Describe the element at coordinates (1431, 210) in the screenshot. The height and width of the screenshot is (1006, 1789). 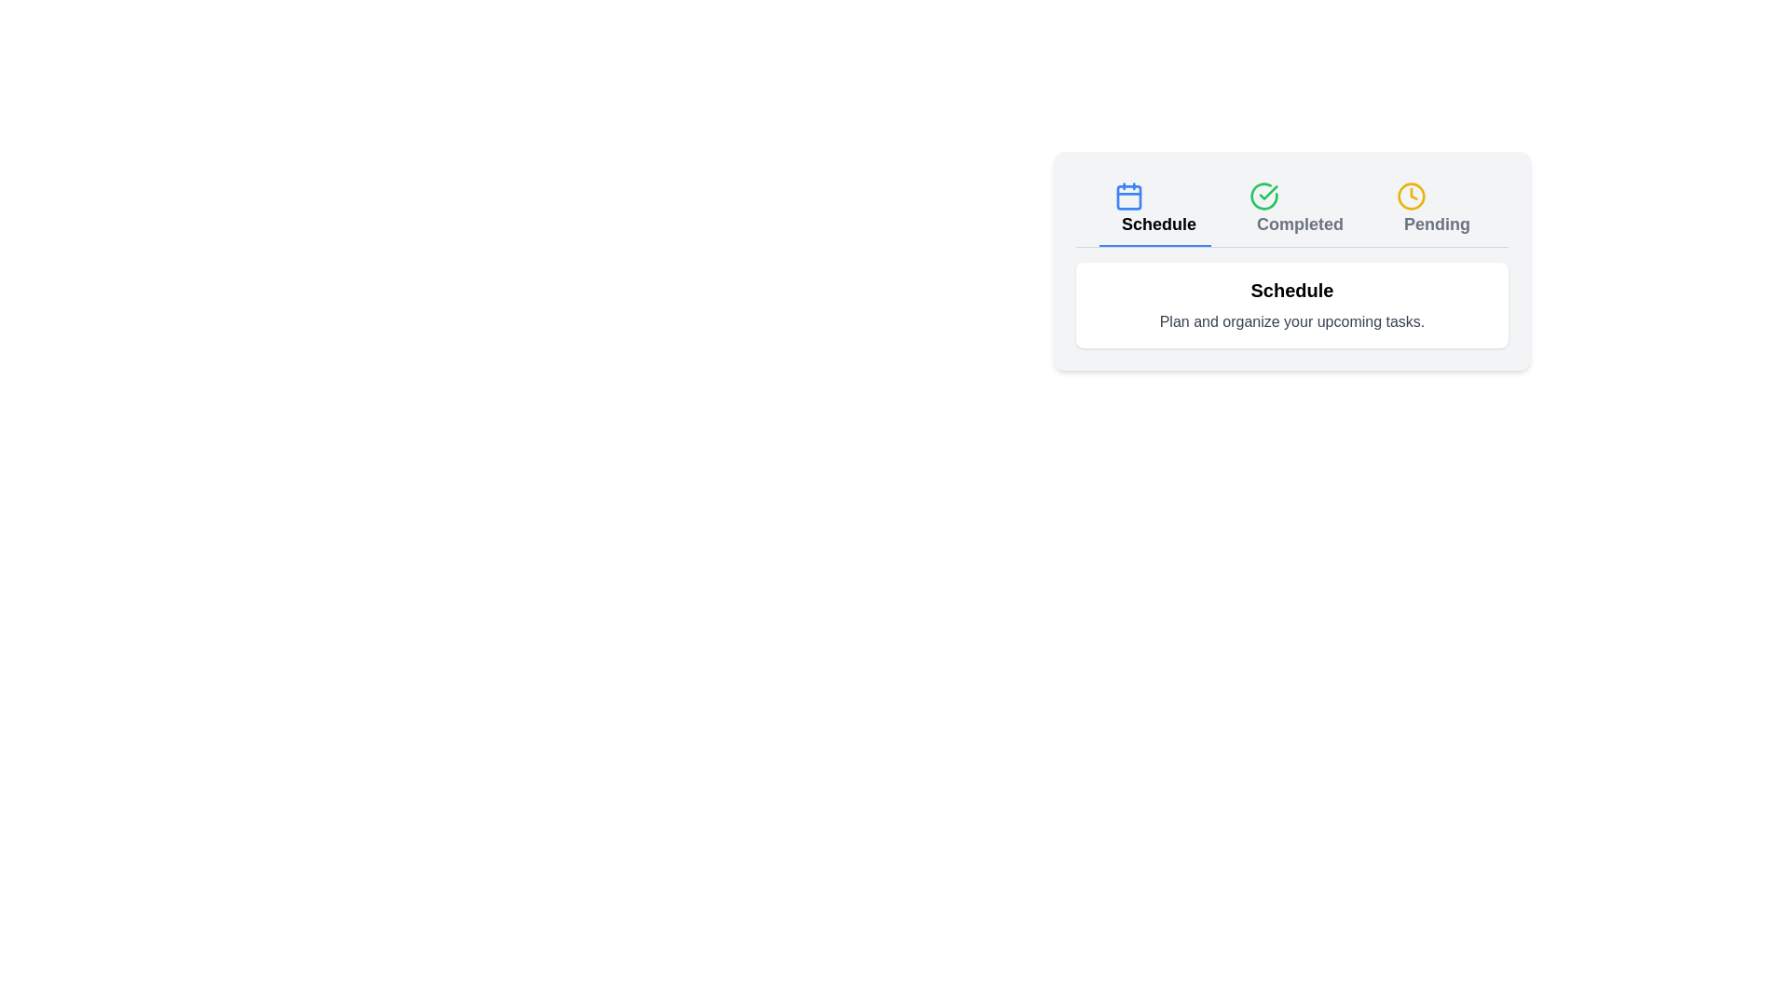
I see `the Pending tab to view its content` at that location.